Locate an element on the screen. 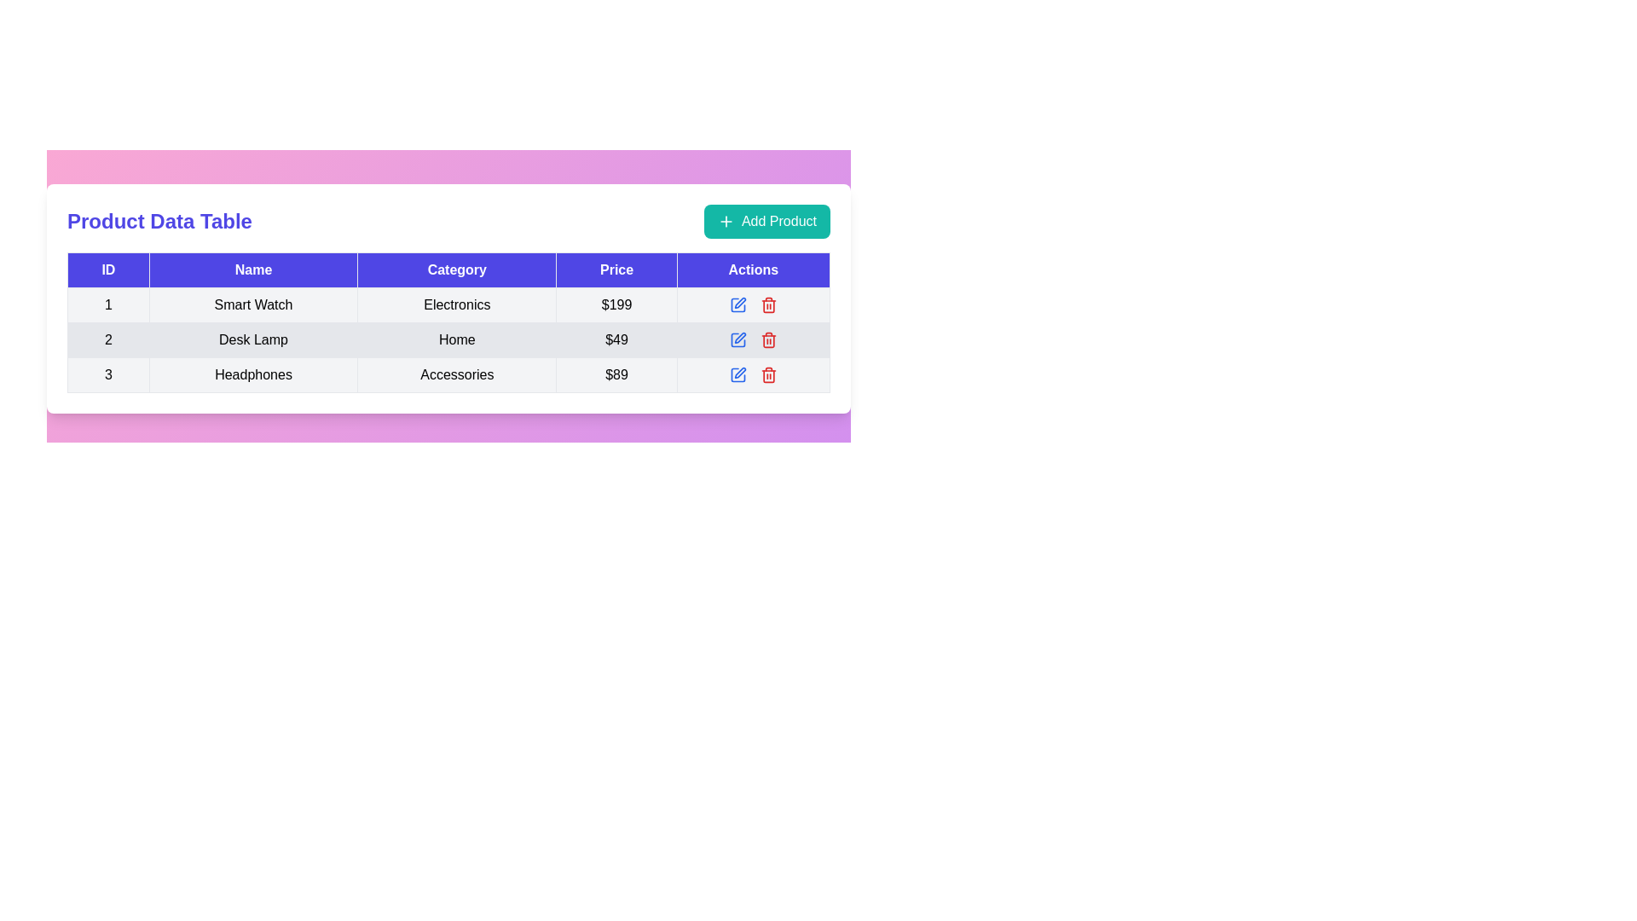 This screenshot has height=921, width=1637. the 'Category' column header in the table is located at coordinates (457, 269).